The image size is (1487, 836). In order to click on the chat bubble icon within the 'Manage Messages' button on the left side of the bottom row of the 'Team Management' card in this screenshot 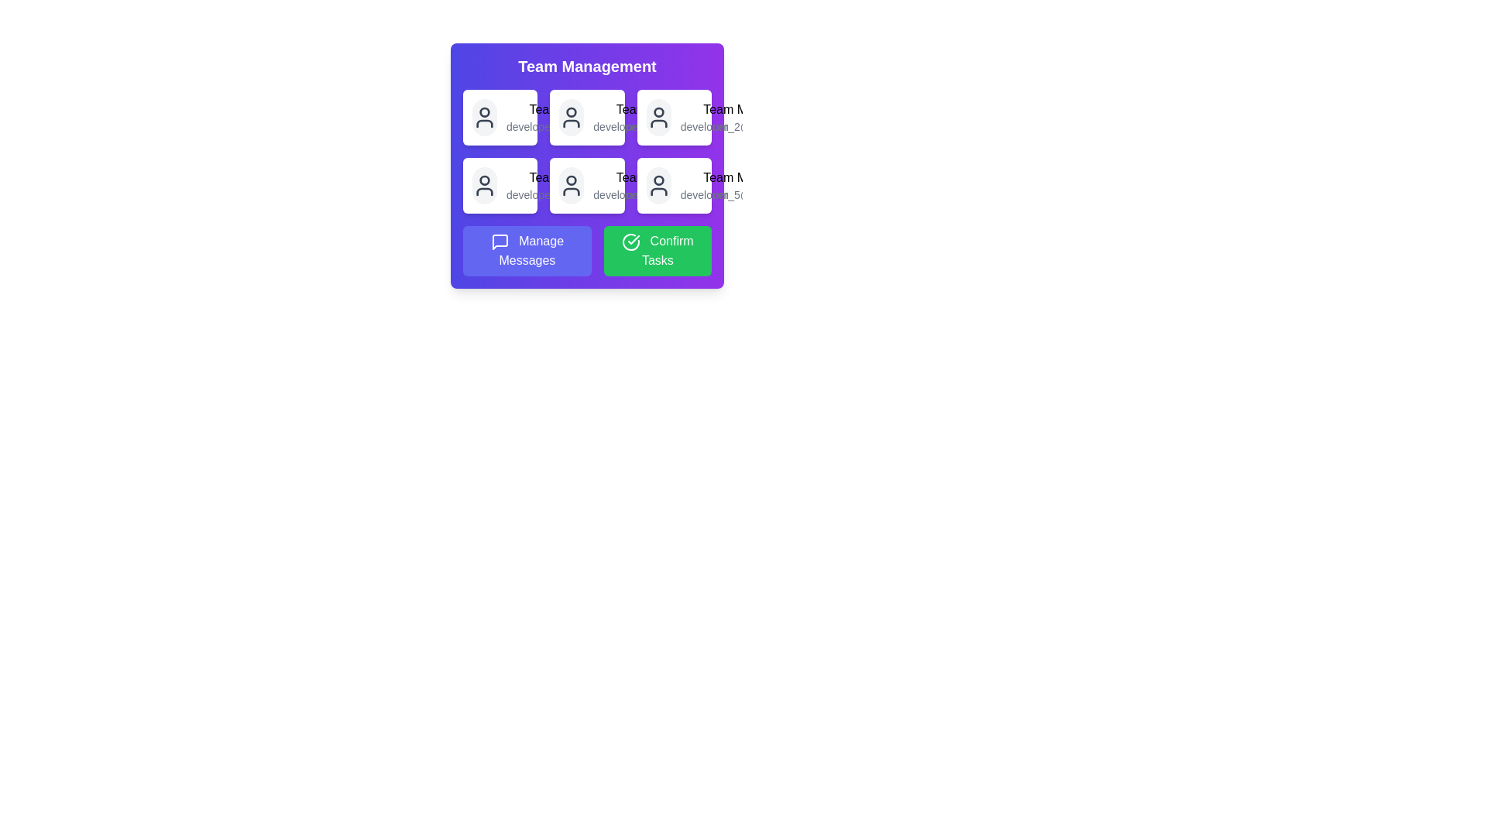, I will do `click(500, 242)`.